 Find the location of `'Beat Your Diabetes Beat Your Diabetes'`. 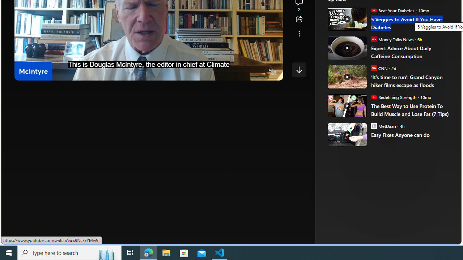

'Beat Your Diabetes Beat Your Diabetes' is located at coordinates (392, 10).